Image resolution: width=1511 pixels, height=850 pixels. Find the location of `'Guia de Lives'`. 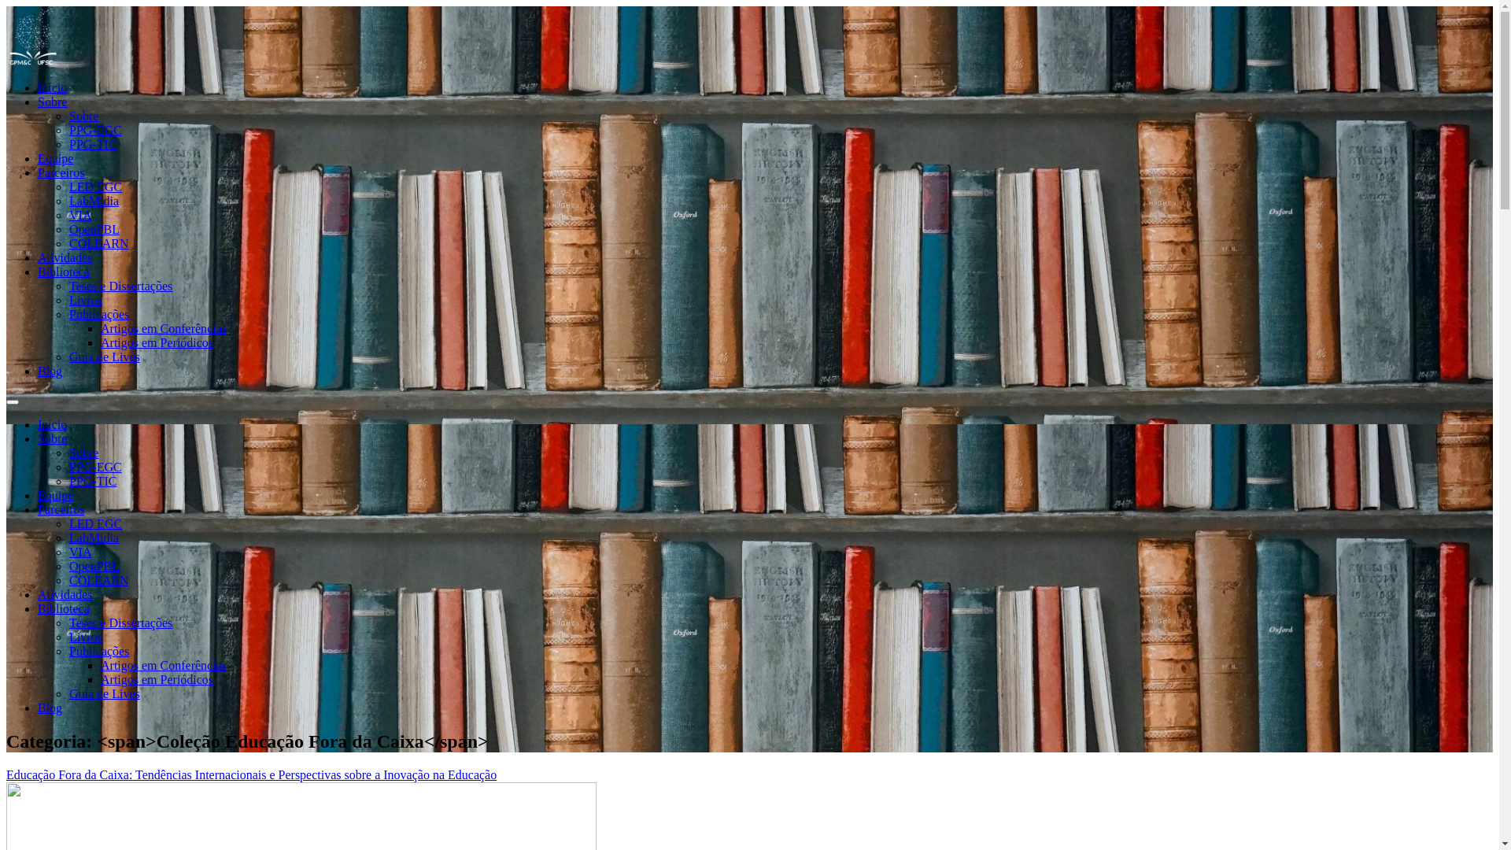

'Guia de Lives' is located at coordinates (104, 357).